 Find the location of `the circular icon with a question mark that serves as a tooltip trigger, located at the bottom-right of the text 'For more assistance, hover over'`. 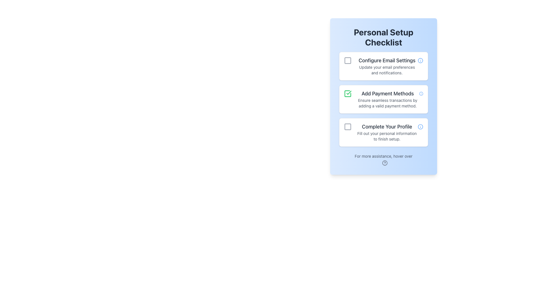

the circular icon with a question mark that serves as a tooltip trigger, located at the bottom-right of the text 'For more assistance, hover over' is located at coordinates (384, 163).